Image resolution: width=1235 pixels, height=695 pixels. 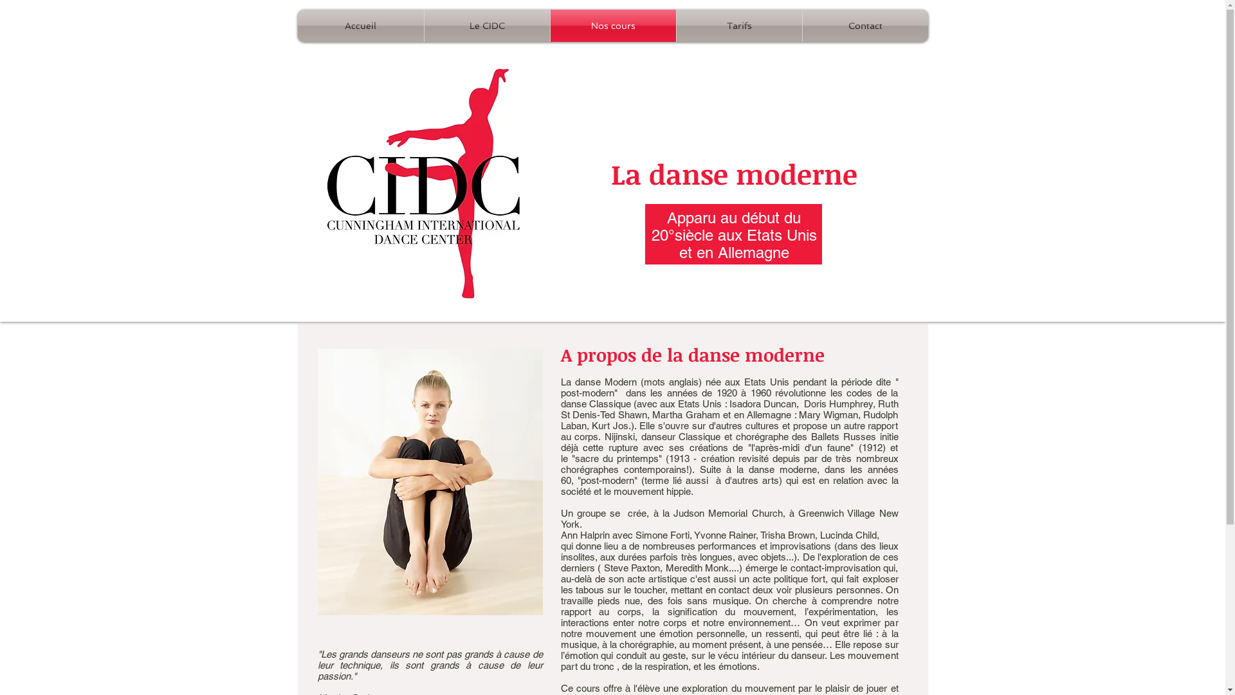 What do you see at coordinates (296, 25) in the screenshot?
I see `'Accueil'` at bounding box center [296, 25].